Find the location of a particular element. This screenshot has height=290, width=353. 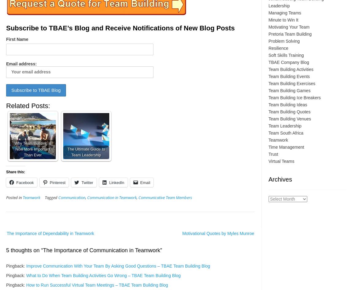

'Managing Teams' is located at coordinates (285, 12).